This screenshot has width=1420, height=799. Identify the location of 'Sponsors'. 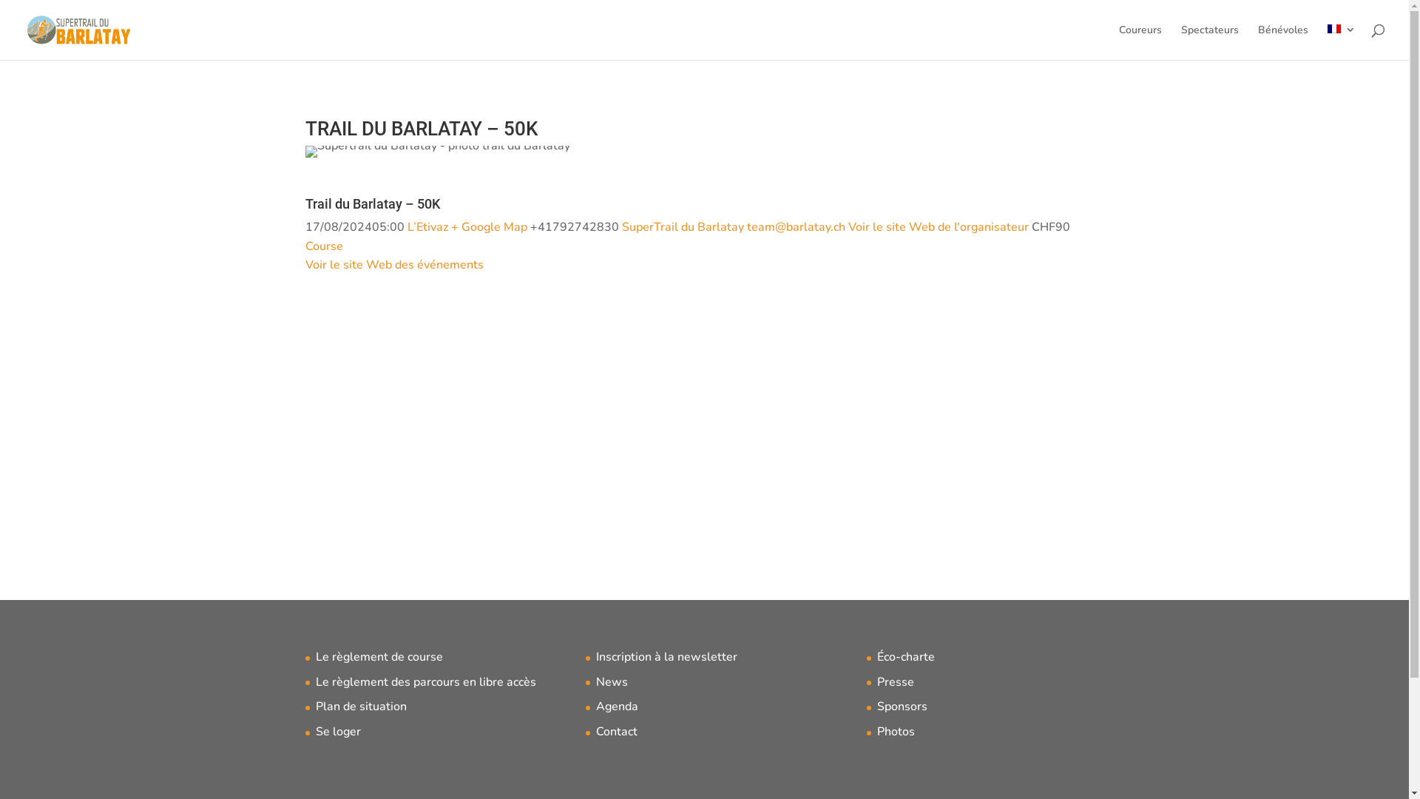
(901, 706).